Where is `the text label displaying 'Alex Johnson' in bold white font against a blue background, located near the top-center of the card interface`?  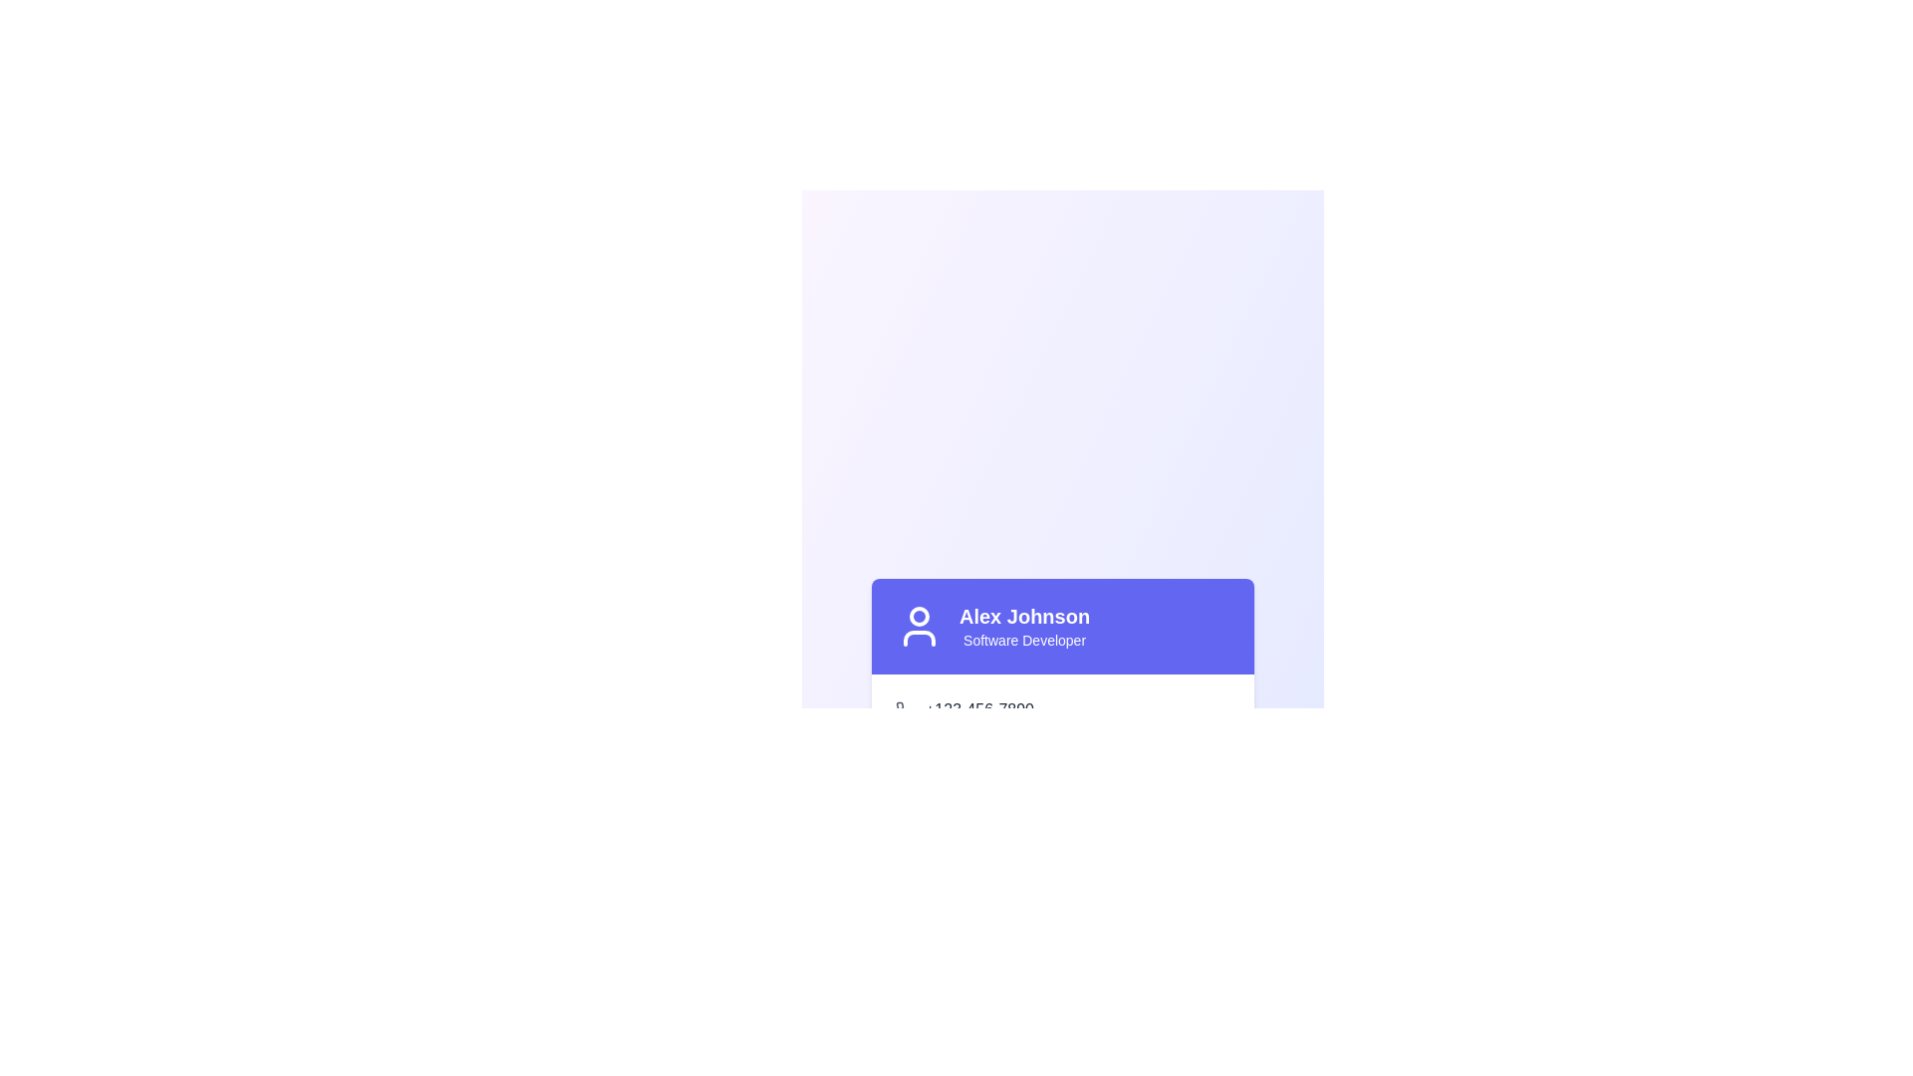 the text label displaying 'Alex Johnson' in bold white font against a blue background, located near the top-center of the card interface is located at coordinates (1024, 615).